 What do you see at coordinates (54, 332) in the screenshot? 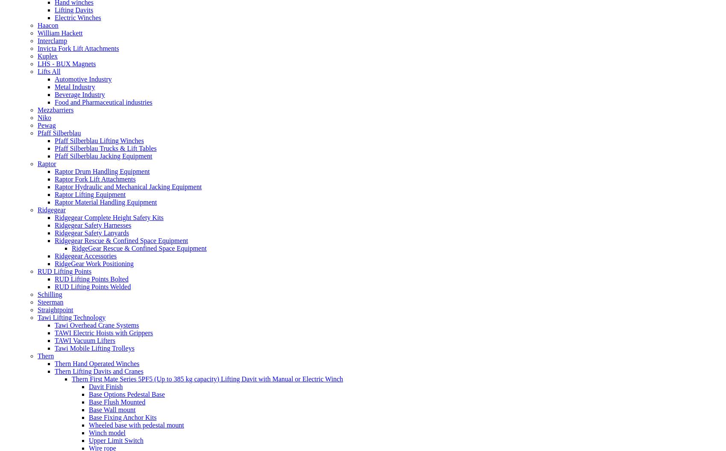
I see `'TAWI Electric Hoists with Grippers'` at bounding box center [54, 332].